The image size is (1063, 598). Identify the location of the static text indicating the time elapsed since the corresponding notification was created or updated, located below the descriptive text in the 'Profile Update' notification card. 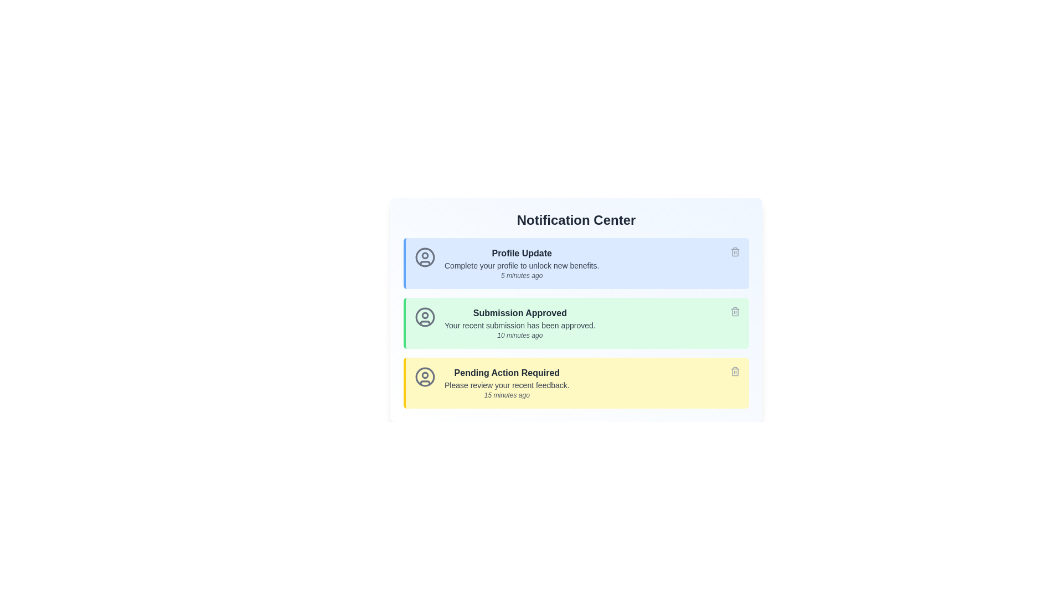
(521, 275).